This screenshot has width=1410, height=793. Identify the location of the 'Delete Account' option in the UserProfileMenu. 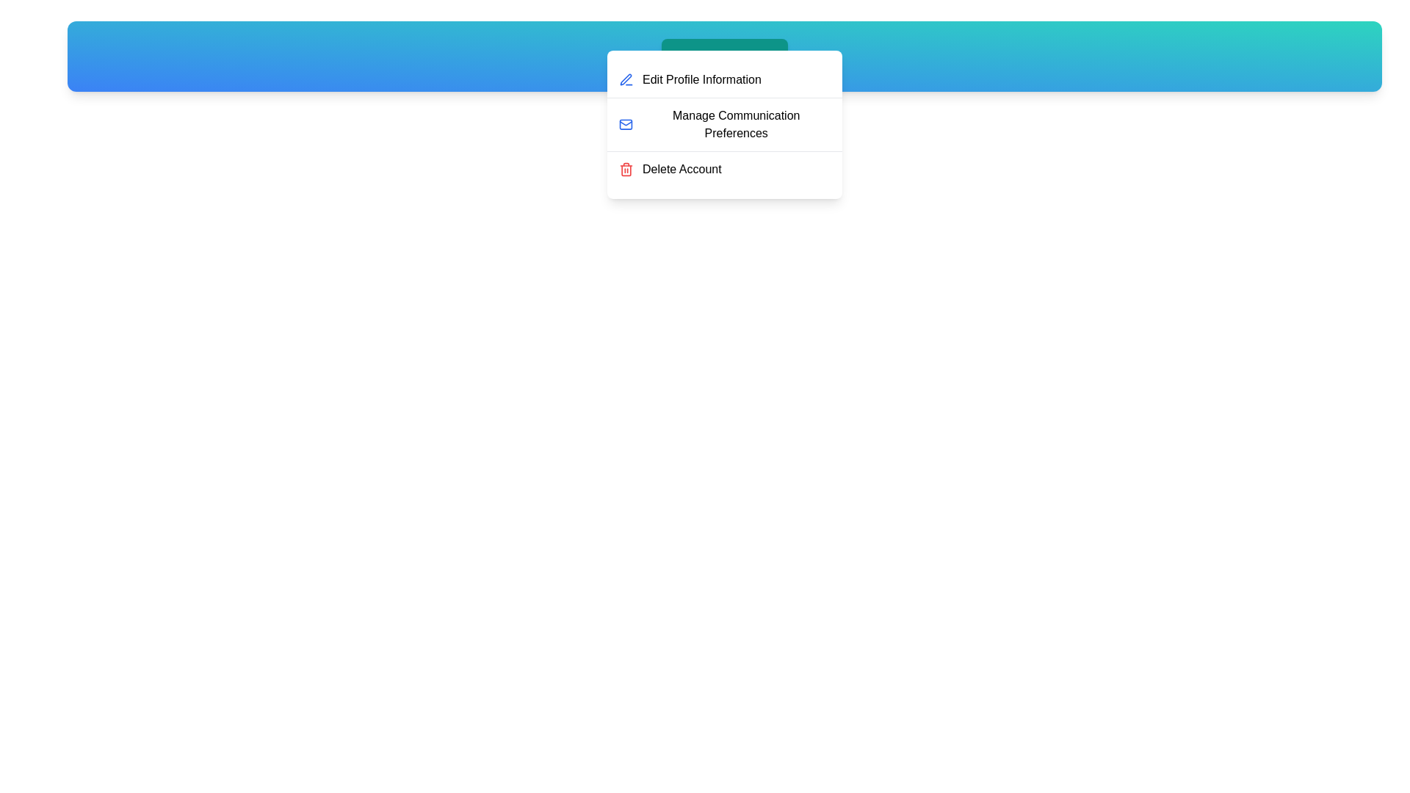
(725, 168).